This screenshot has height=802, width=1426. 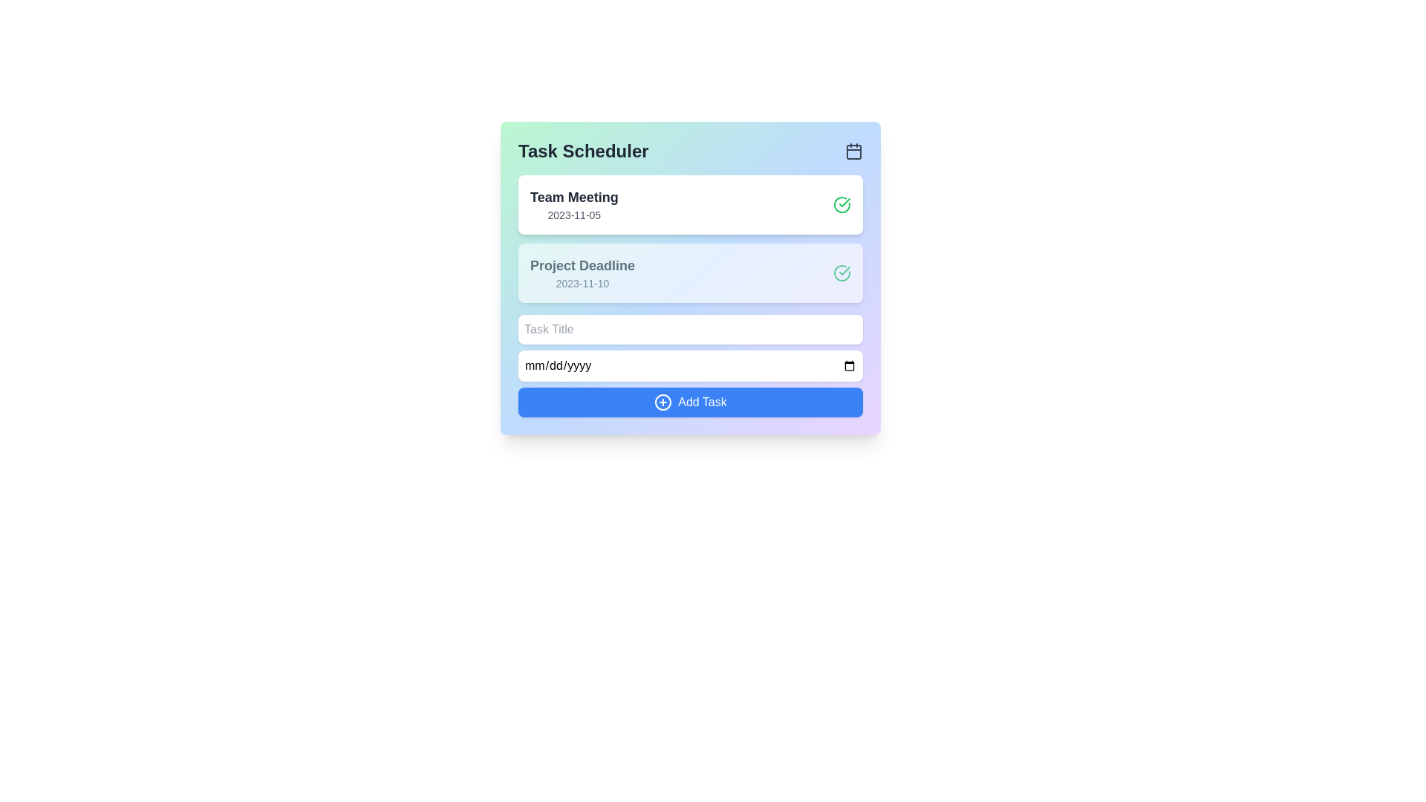 What do you see at coordinates (582, 283) in the screenshot?
I see `the text label displaying the date '2023-11-10', which is aligned to the left and located under the 'Project Deadline' title` at bounding box center [582, 283].